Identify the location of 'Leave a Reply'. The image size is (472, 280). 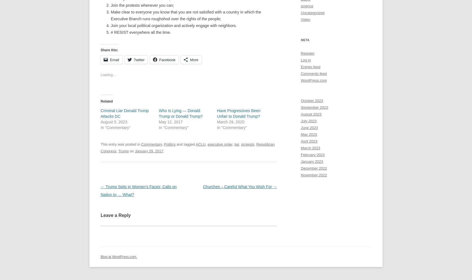
(115, 215).